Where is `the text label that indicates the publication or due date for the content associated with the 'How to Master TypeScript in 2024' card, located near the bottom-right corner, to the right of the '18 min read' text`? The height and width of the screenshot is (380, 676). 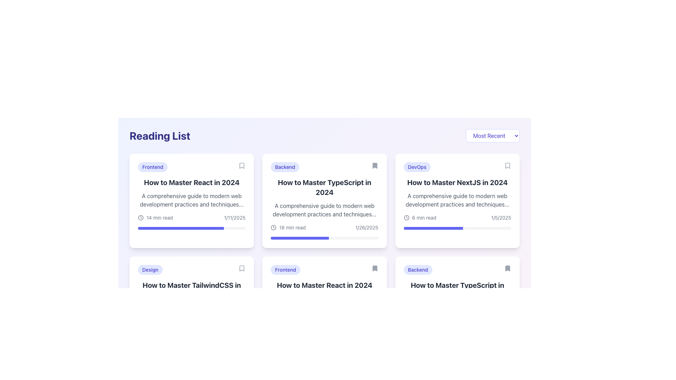
the text label that indicates the publication or due date for the content associated with the 'How to Master TypeScript in 2024' card, located near the bottom-right corner, to the right of the '18 min read' text is located at coordinates (366, 228).